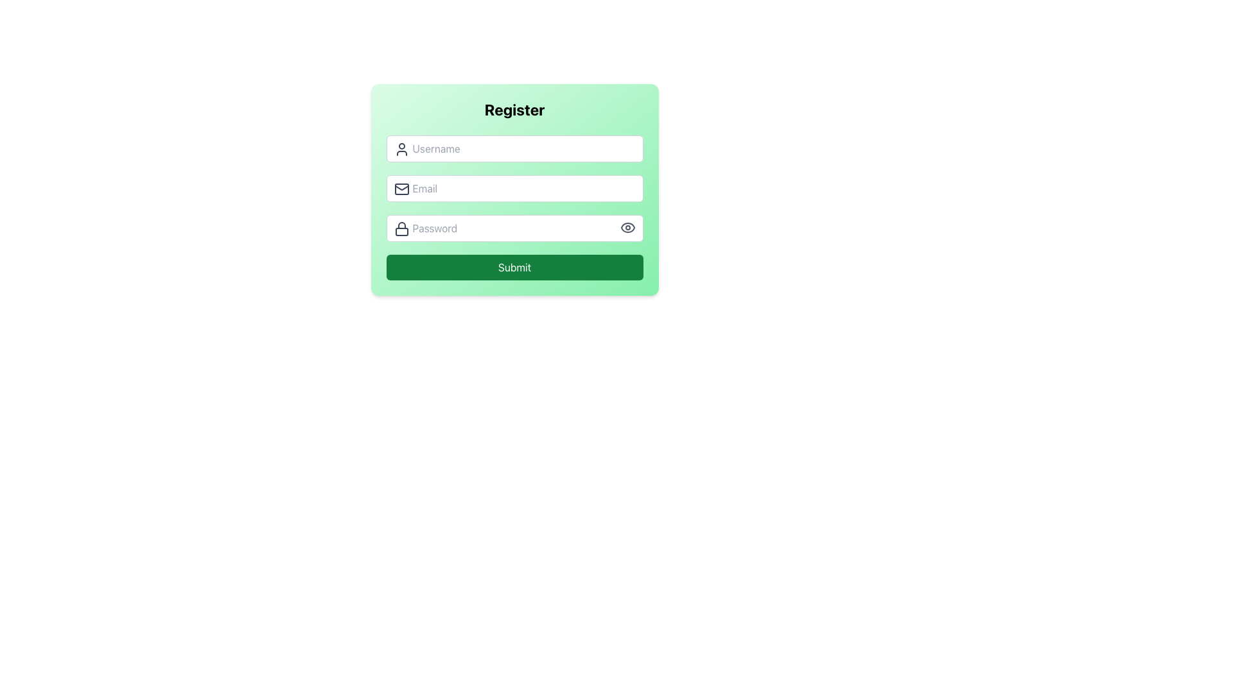 The image size is (1233, 693). Describe the element at coordinates (401, 148) in the screenshot. I see `the icon that signifies the purpose of the adjoining input field for entering a username, located at the left end of the 'Username' text input field in the registration form` at that location.